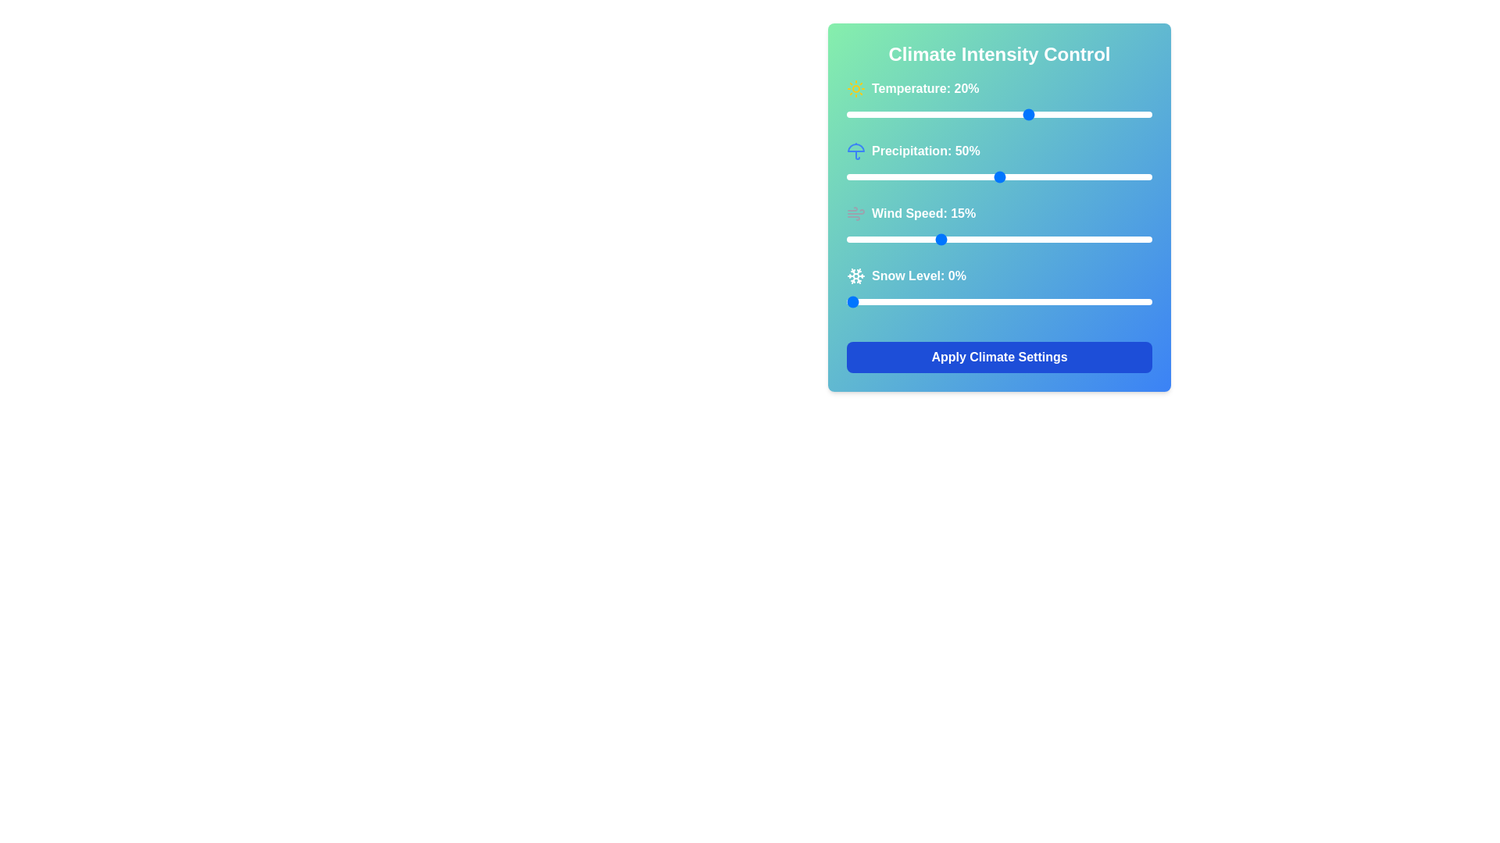 Image resolution: width=1500 pixels, height=843 pixels. I want to click on the wind speed icon located at the beginning of the 'Wind Speed' row in the climate control interface, so click(855, 213).